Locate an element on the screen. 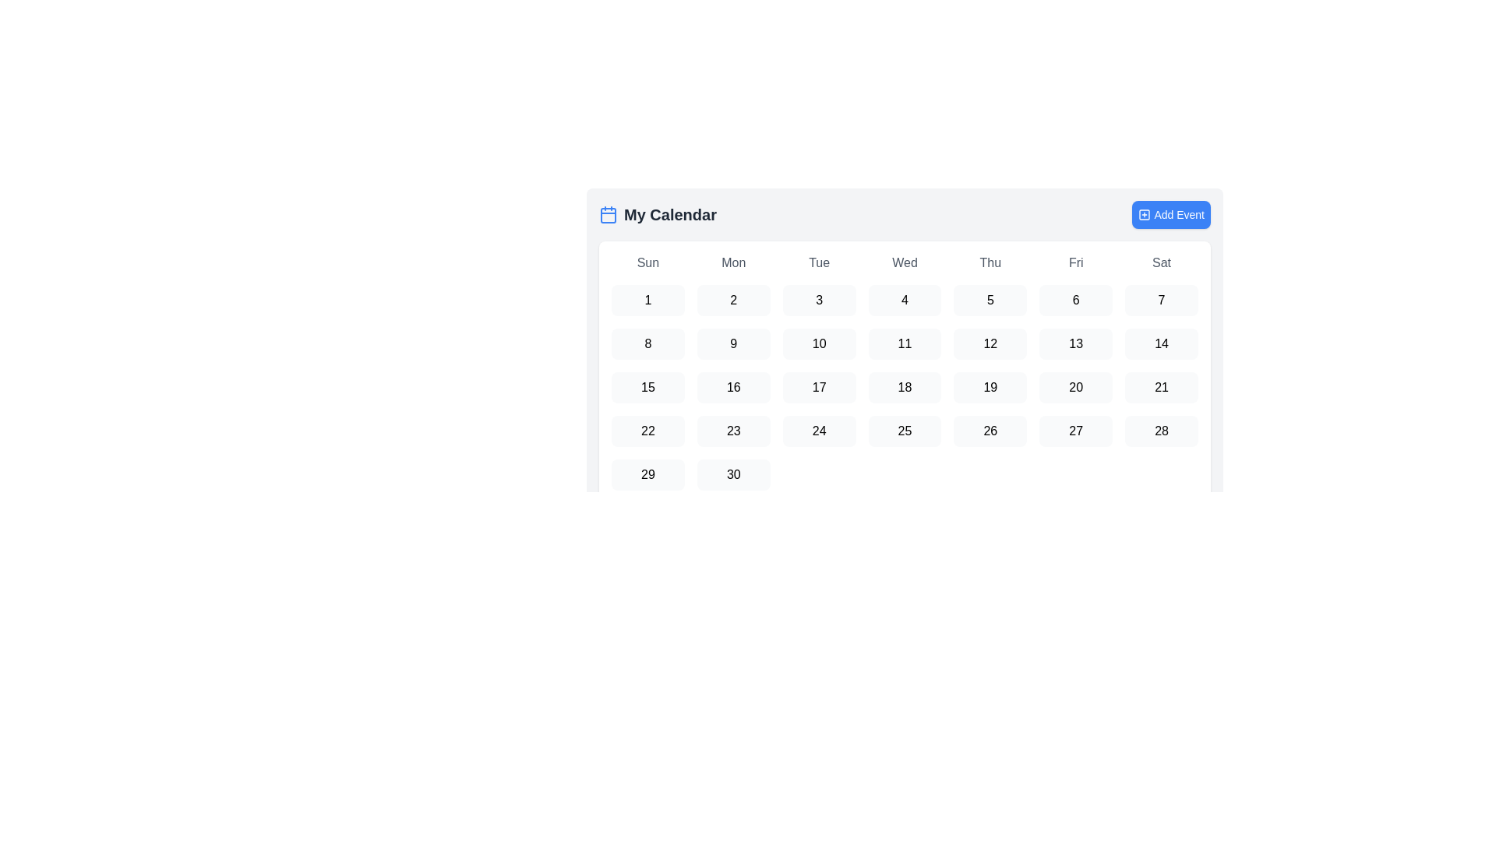 Image resolution: width=1496 pixels, height=841 pixels. the icon associated with the 'Add Event' button located at the top-right corner of the interface is located at coordinates (1145, 215).